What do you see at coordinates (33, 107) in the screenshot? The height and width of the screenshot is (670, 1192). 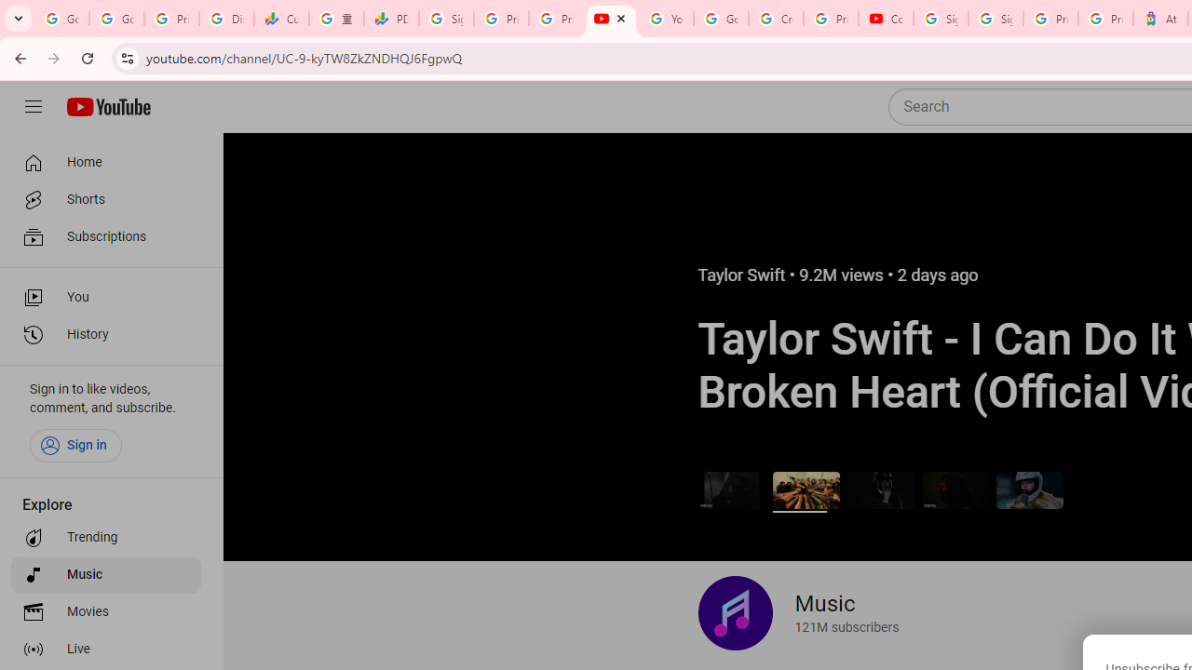 I see `'Guide'` at bounding box center [33, 107].